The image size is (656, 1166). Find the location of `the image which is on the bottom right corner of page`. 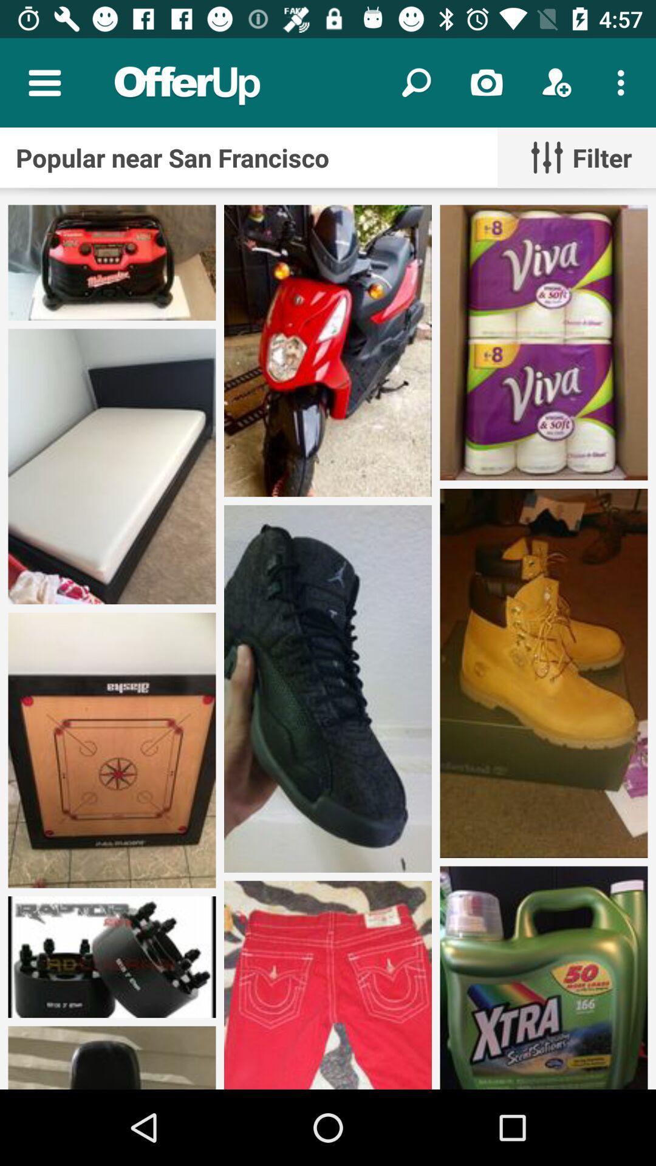

the image which is on the bottom right corner of page is located at coordinates (543, 978).